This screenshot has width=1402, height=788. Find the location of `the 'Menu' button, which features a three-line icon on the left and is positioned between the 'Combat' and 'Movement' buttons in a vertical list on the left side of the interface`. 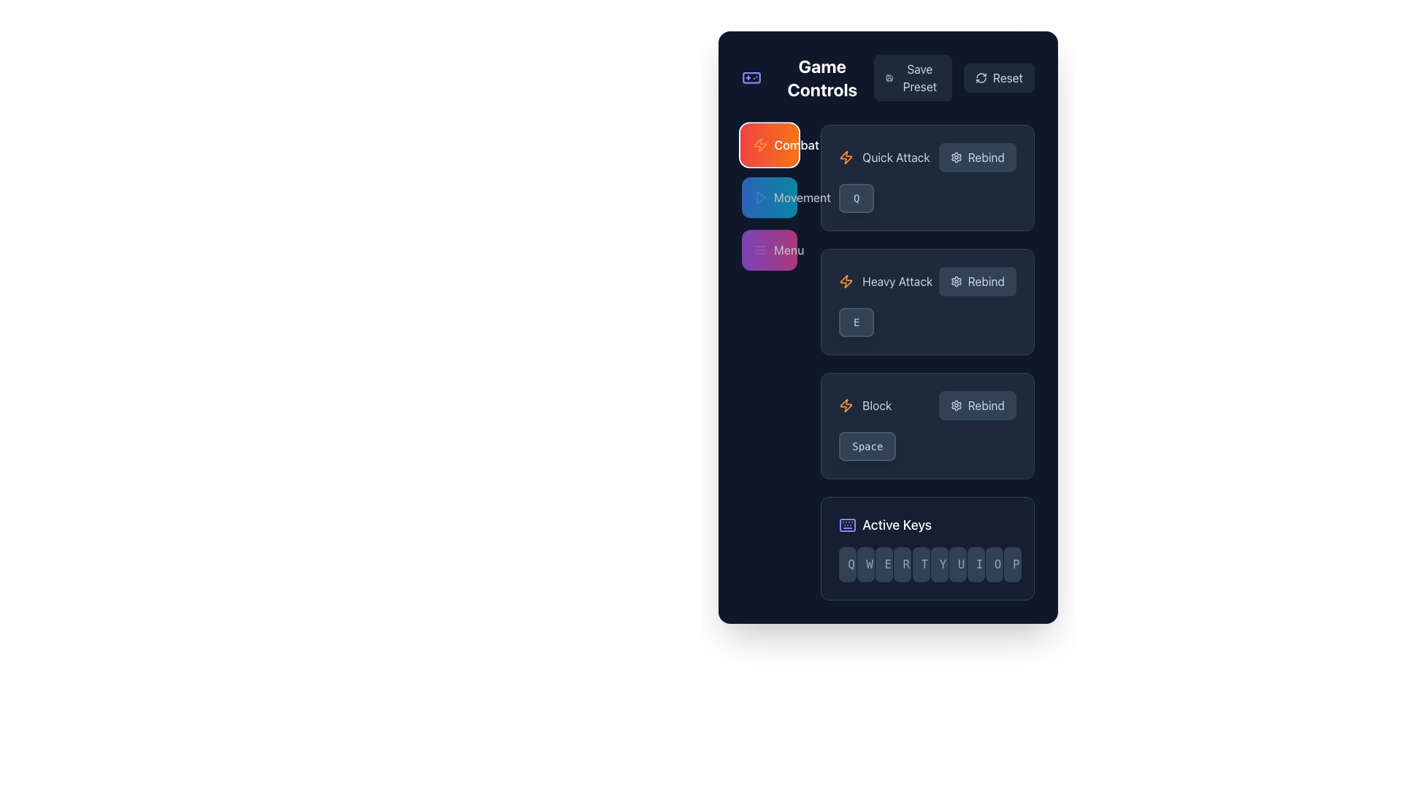

the 'Menu' button, which features a three-line icon on the left and is positioned between the 'Combat' and 'Movement' buttons in a vertical list on the left side of the interface is located at coordinates (769, 250).